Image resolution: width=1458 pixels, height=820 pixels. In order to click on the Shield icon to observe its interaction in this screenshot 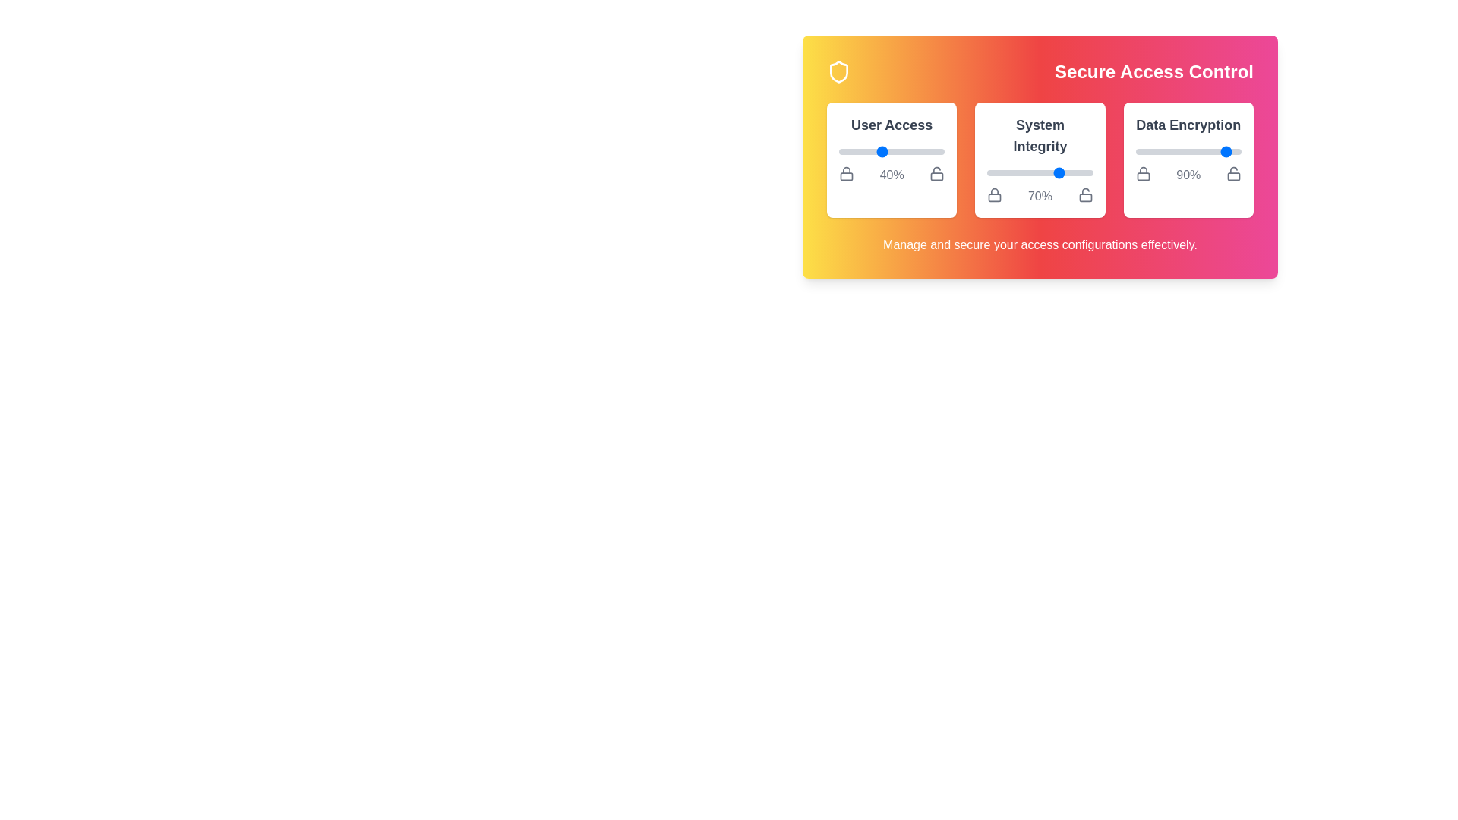, I will do `click(838, 72)`.